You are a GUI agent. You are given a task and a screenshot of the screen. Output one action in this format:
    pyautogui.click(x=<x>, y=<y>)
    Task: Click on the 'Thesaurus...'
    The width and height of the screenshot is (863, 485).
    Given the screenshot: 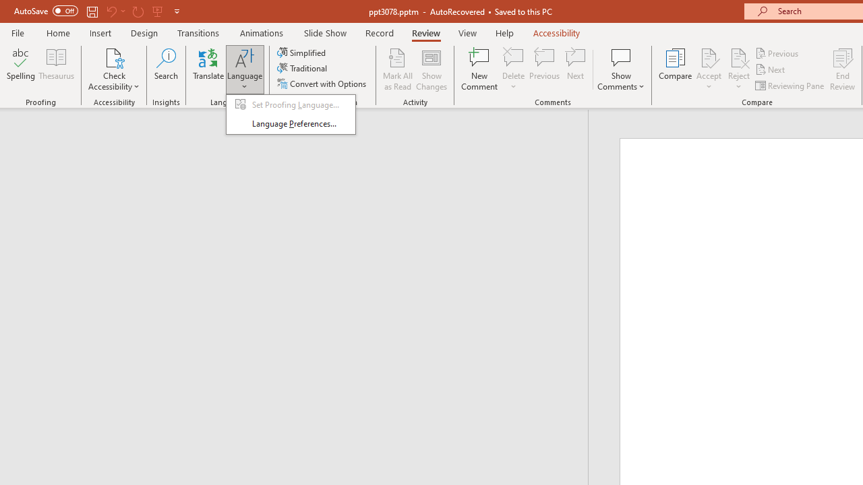 What is the action you would take?
    pyautogui.click(x=55, y=69)
    